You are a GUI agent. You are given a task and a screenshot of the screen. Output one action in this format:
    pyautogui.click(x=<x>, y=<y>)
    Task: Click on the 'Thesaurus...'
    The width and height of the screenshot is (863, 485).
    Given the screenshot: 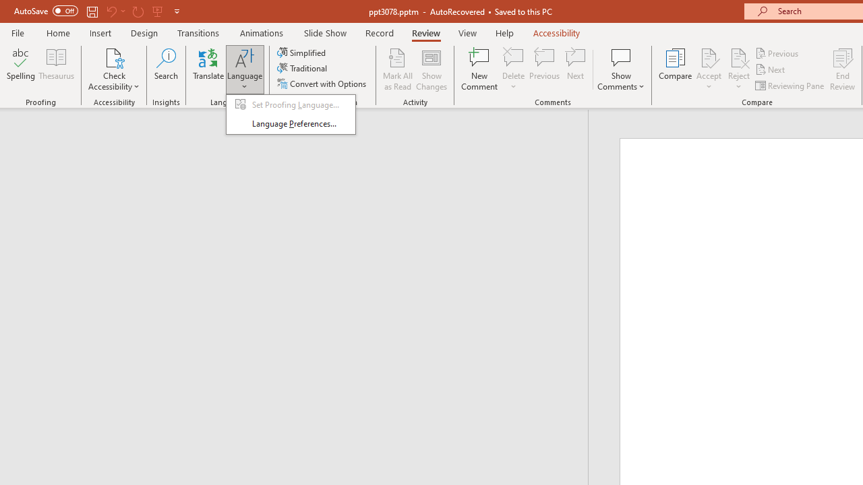 What is the action you would take?
    pyautogui.click(x=55, y=69)
    